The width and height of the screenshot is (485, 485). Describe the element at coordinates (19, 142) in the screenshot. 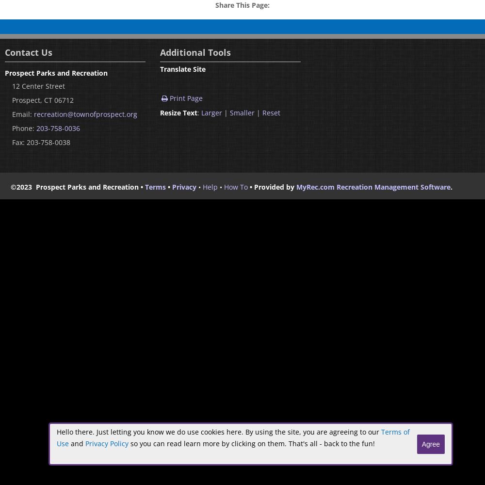

I see `'Fax:'` at that location.